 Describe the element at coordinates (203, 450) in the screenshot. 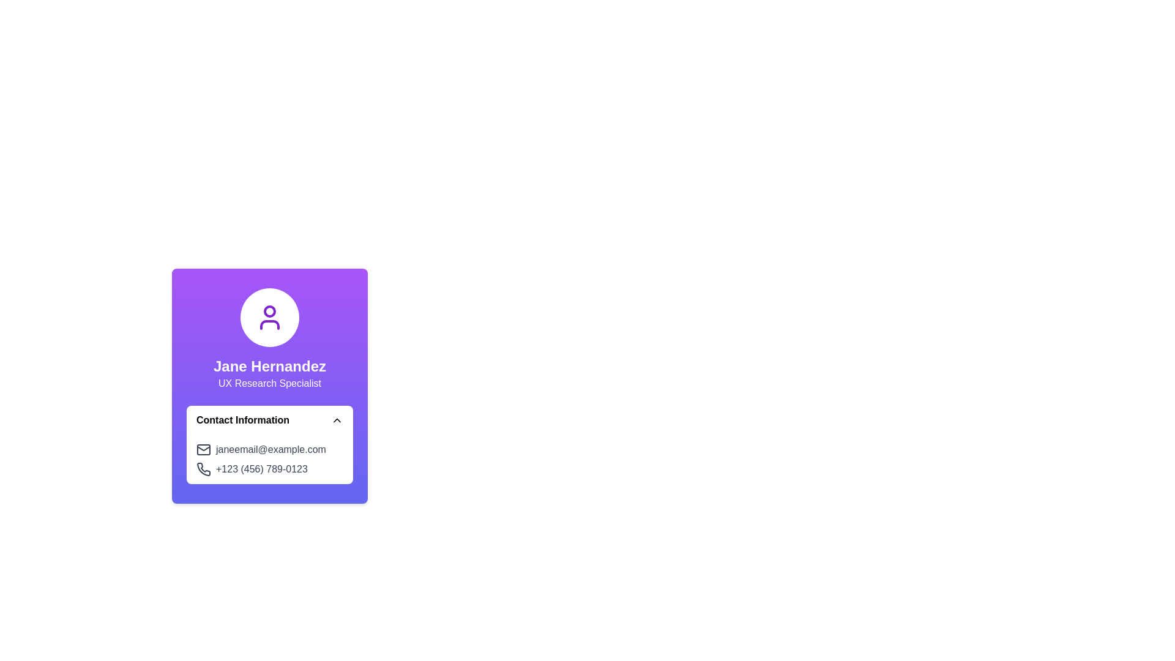

I see `the email address icon located at the start of the row displaying the email address within the 'Contact Information' card` at that location.